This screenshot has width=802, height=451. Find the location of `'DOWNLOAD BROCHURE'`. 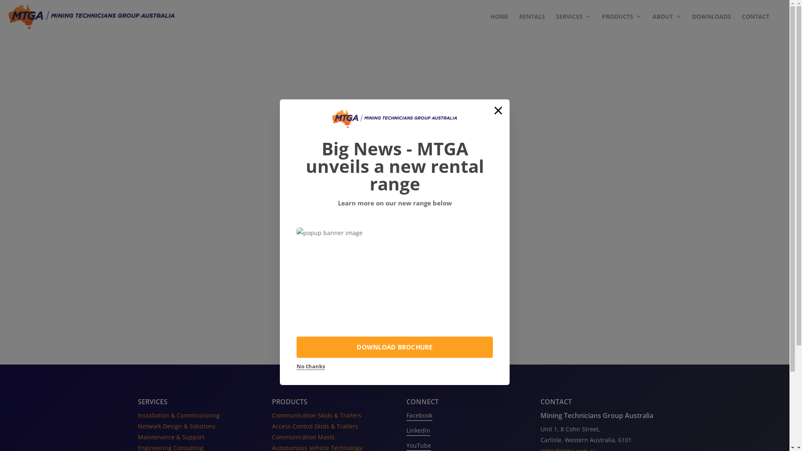

'DOWNLOAD BROCHURE' is located at coordinates (394, 347).